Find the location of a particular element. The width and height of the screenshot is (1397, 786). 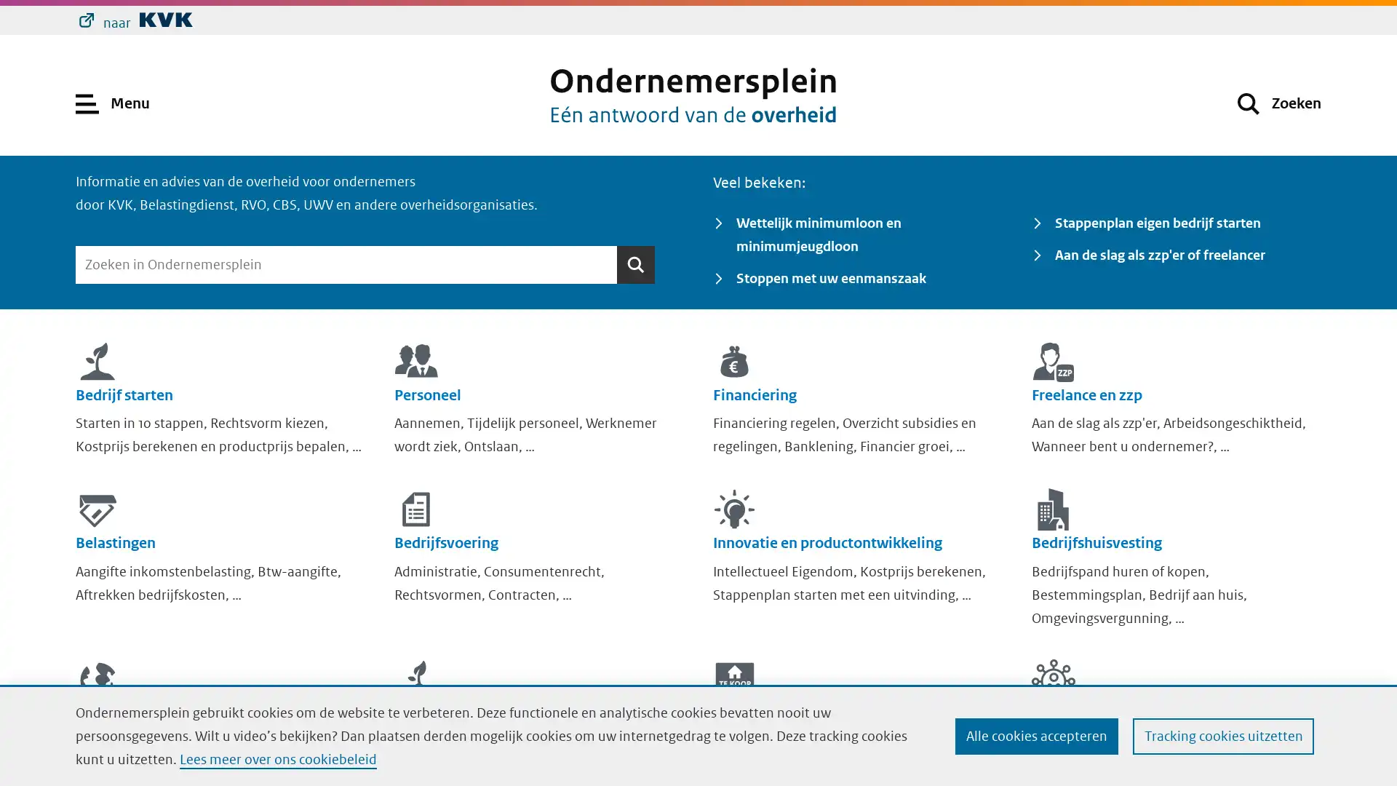

Alle cookies accepteren is located at coordinates (1036, 736).